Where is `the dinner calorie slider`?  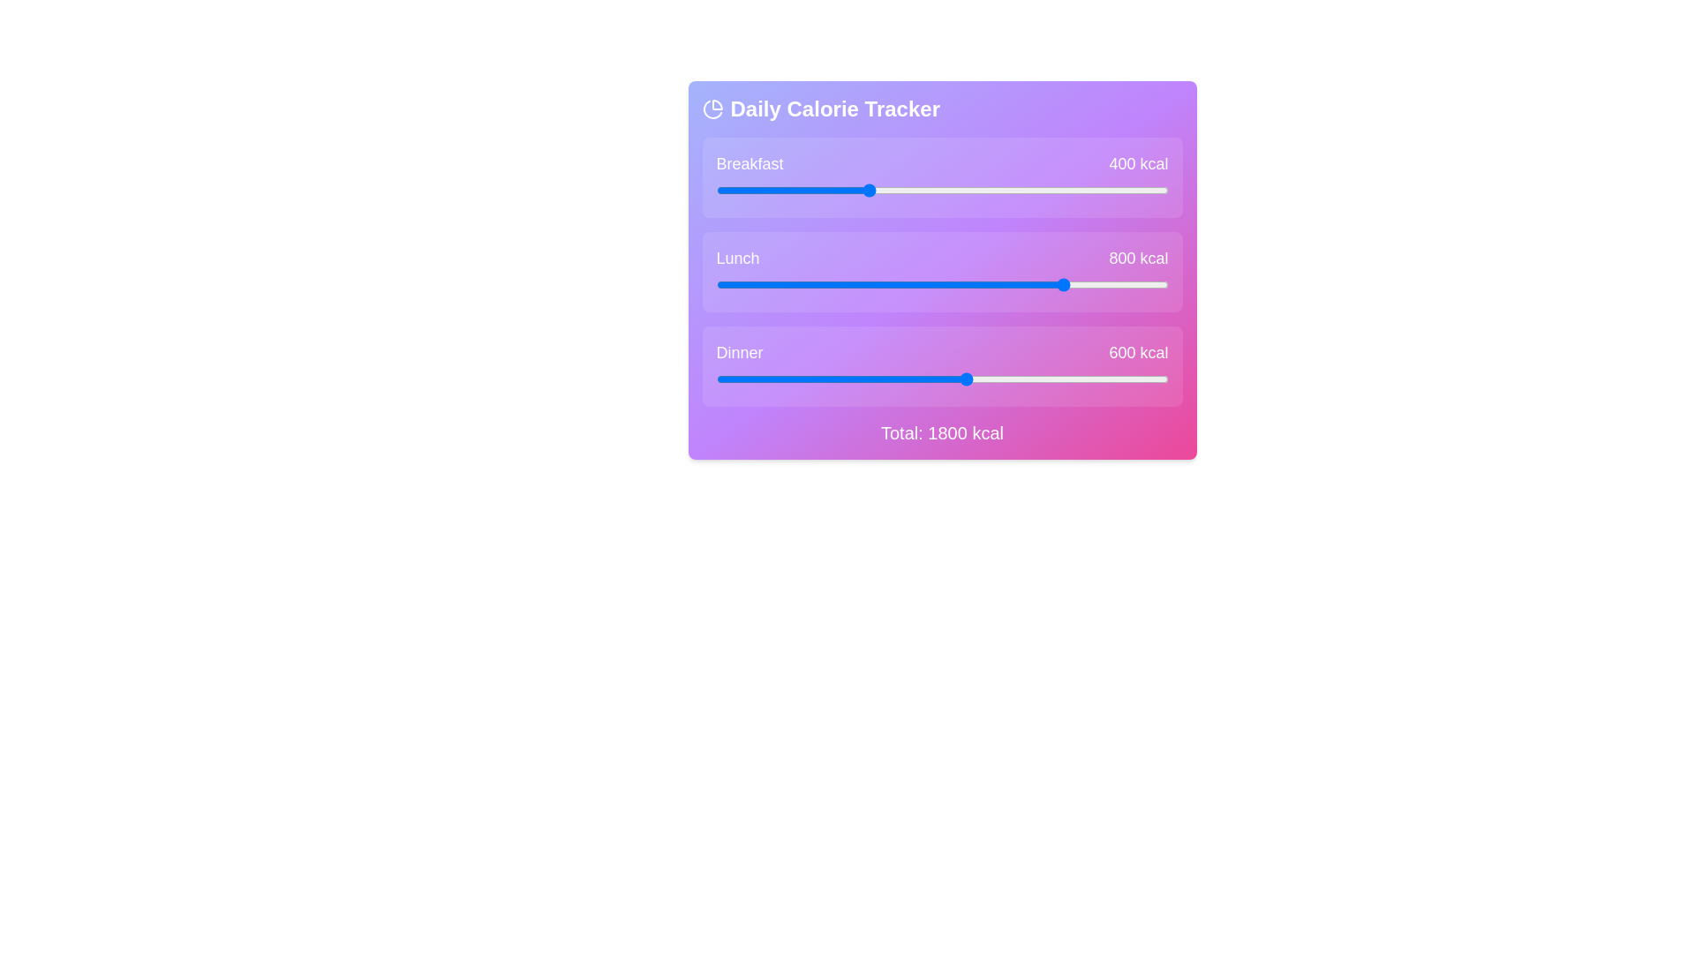
the dinner calorie slider is located at coordinates (847, 378).